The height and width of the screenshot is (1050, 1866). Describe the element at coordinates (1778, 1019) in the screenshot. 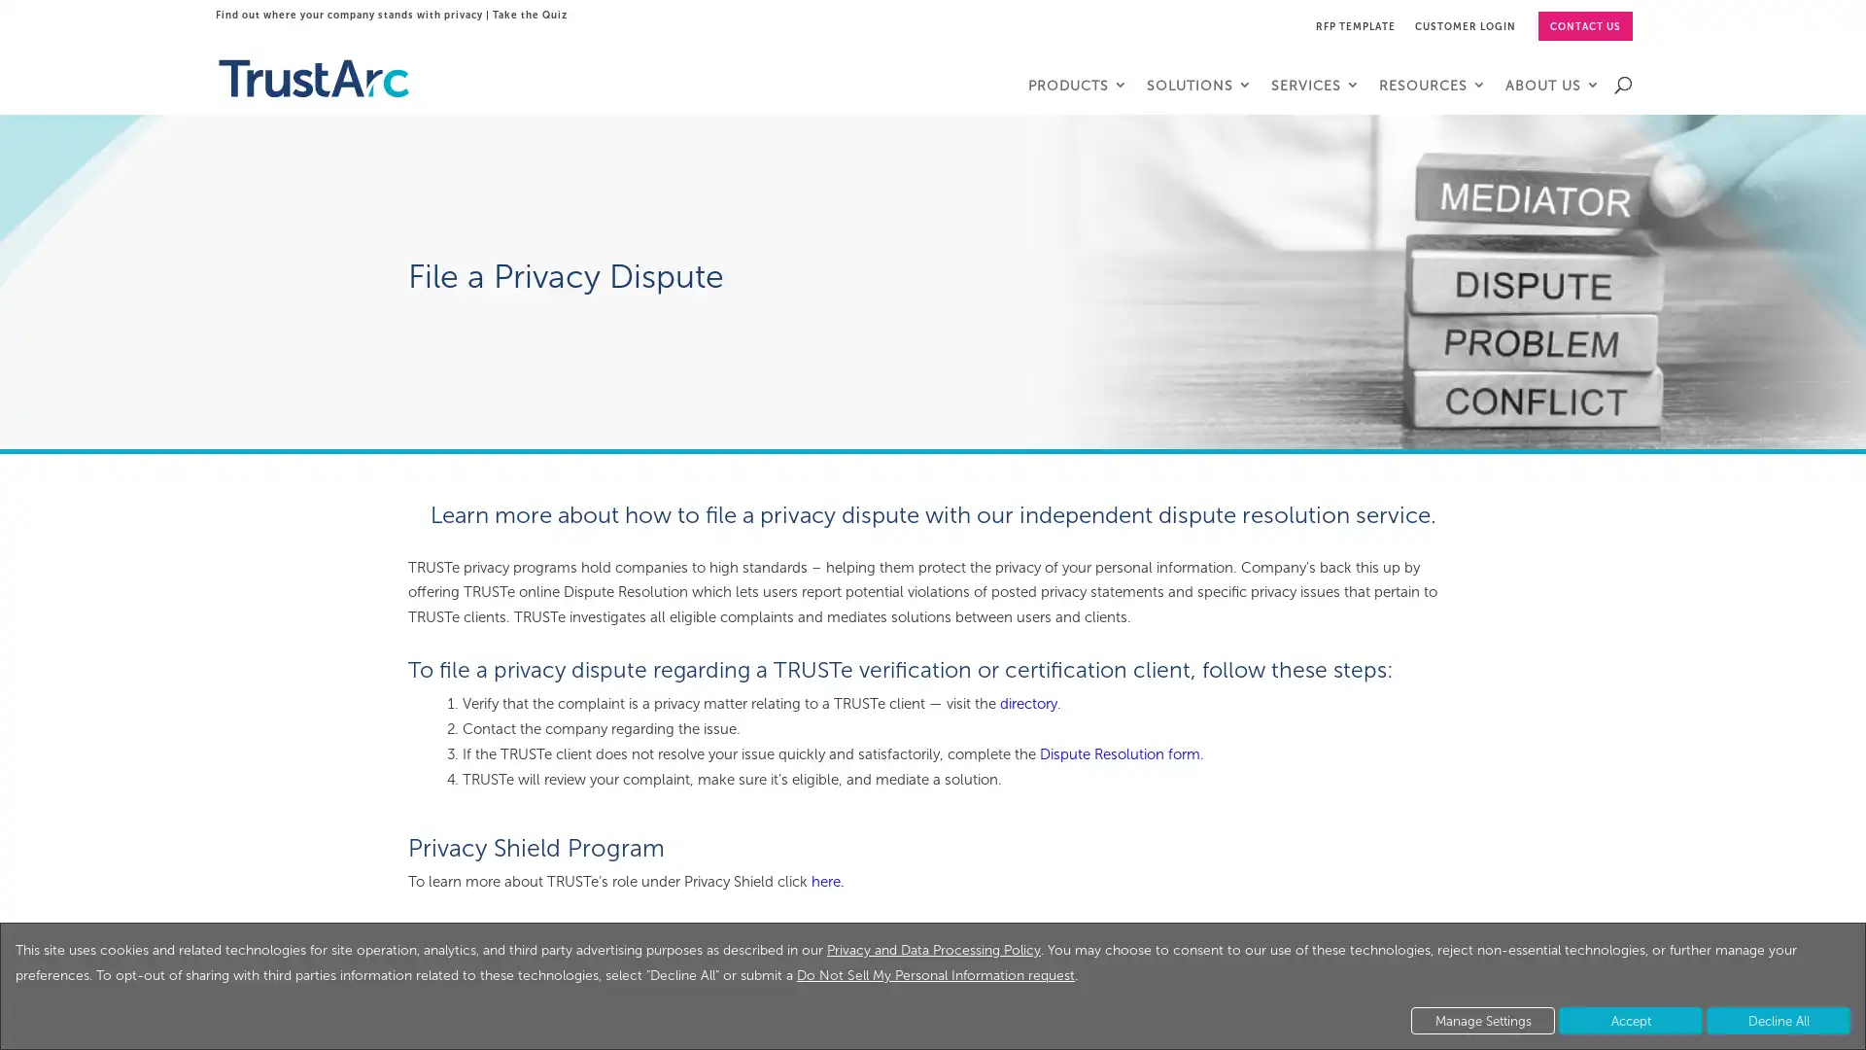

I see `Decline All` at that location.